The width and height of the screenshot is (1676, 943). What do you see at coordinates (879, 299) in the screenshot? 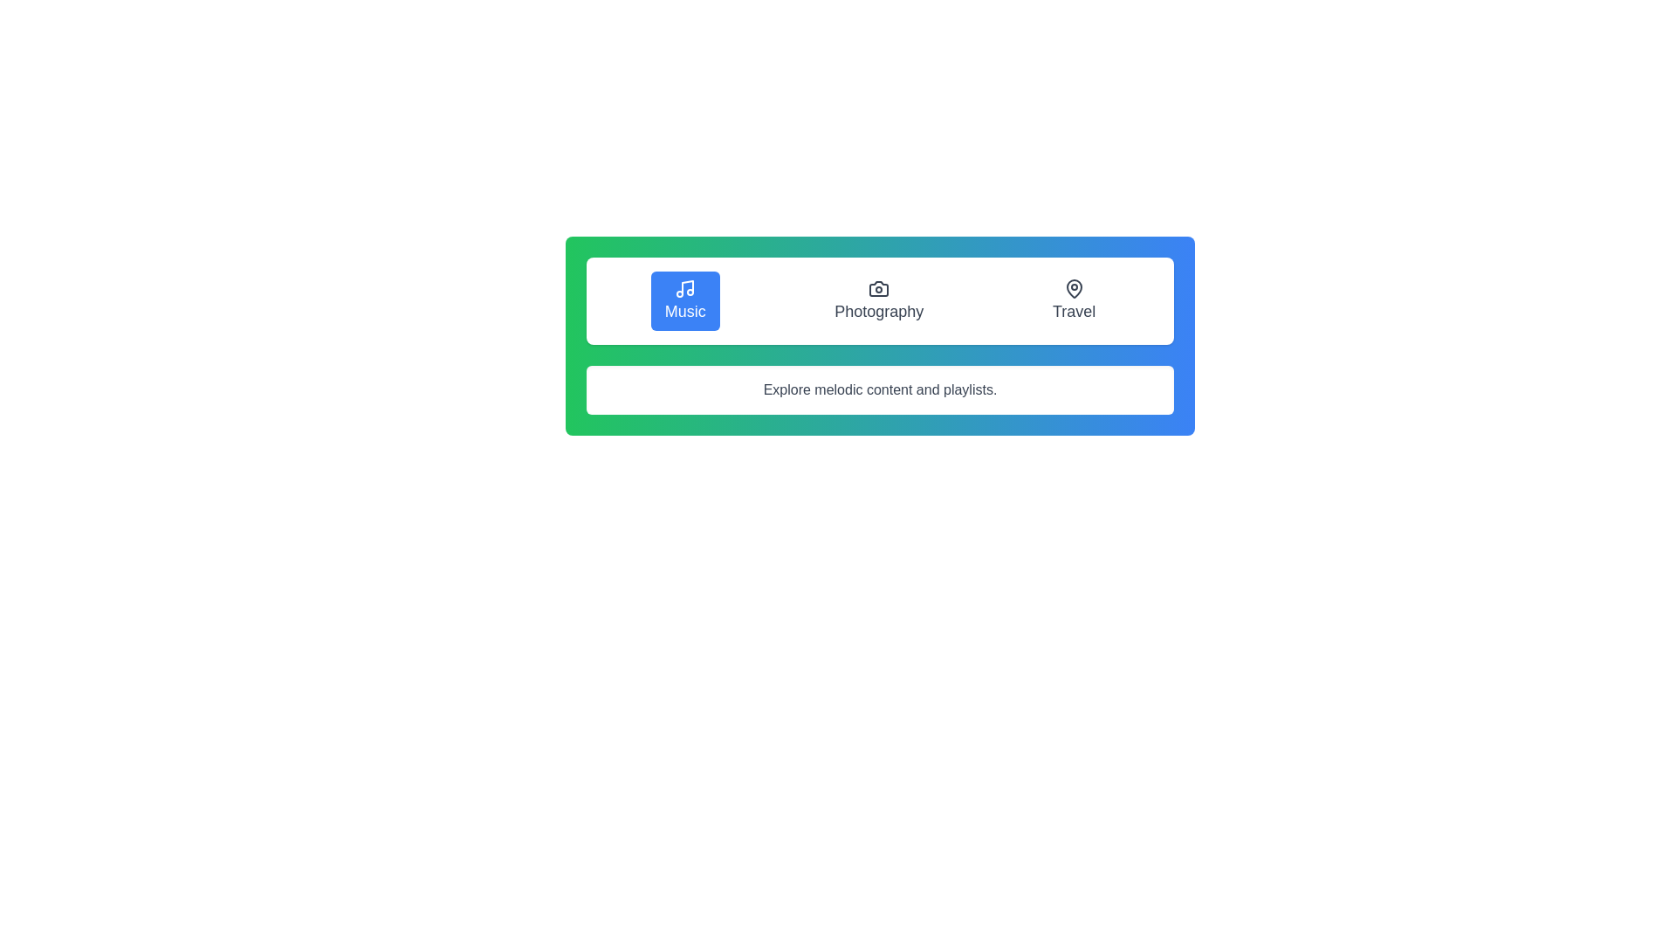
I see `the tab labeled Photography to observe its hover effect` at bounding box center [879, 299].